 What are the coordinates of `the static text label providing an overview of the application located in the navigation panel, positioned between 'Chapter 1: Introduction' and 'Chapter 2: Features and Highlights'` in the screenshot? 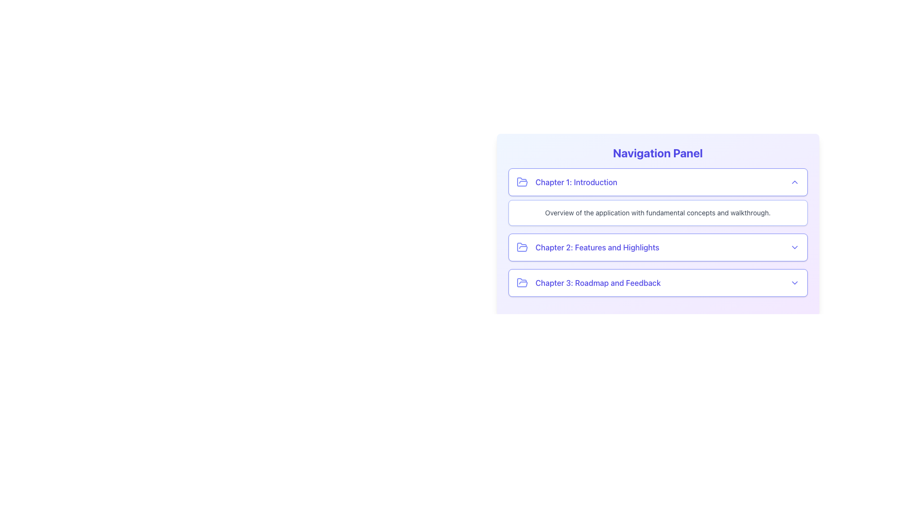 It's located at (657, 212).